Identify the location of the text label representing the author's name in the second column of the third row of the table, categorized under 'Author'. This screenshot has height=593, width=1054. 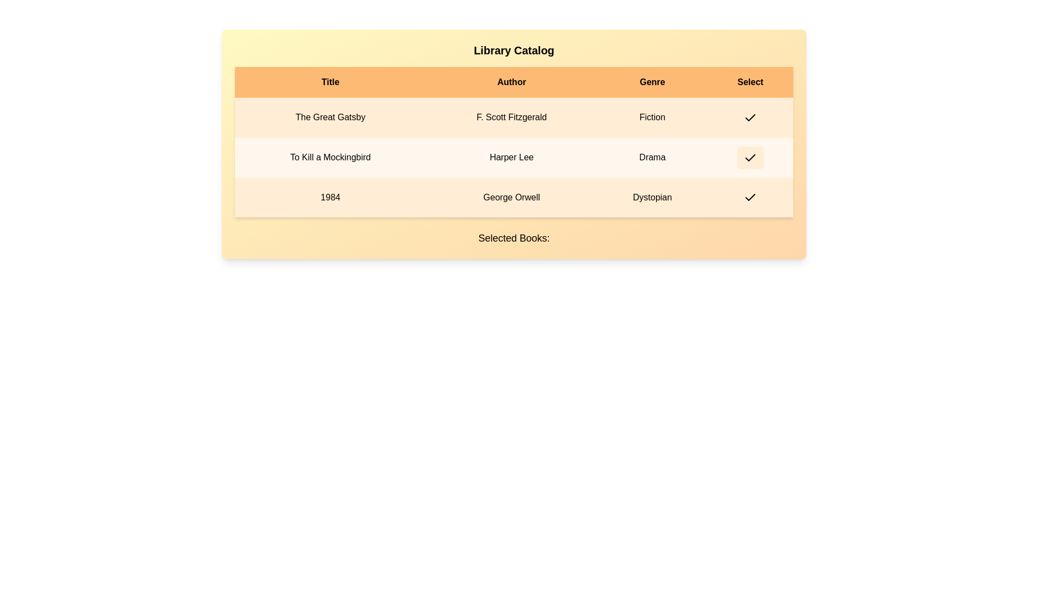
(511, 197).